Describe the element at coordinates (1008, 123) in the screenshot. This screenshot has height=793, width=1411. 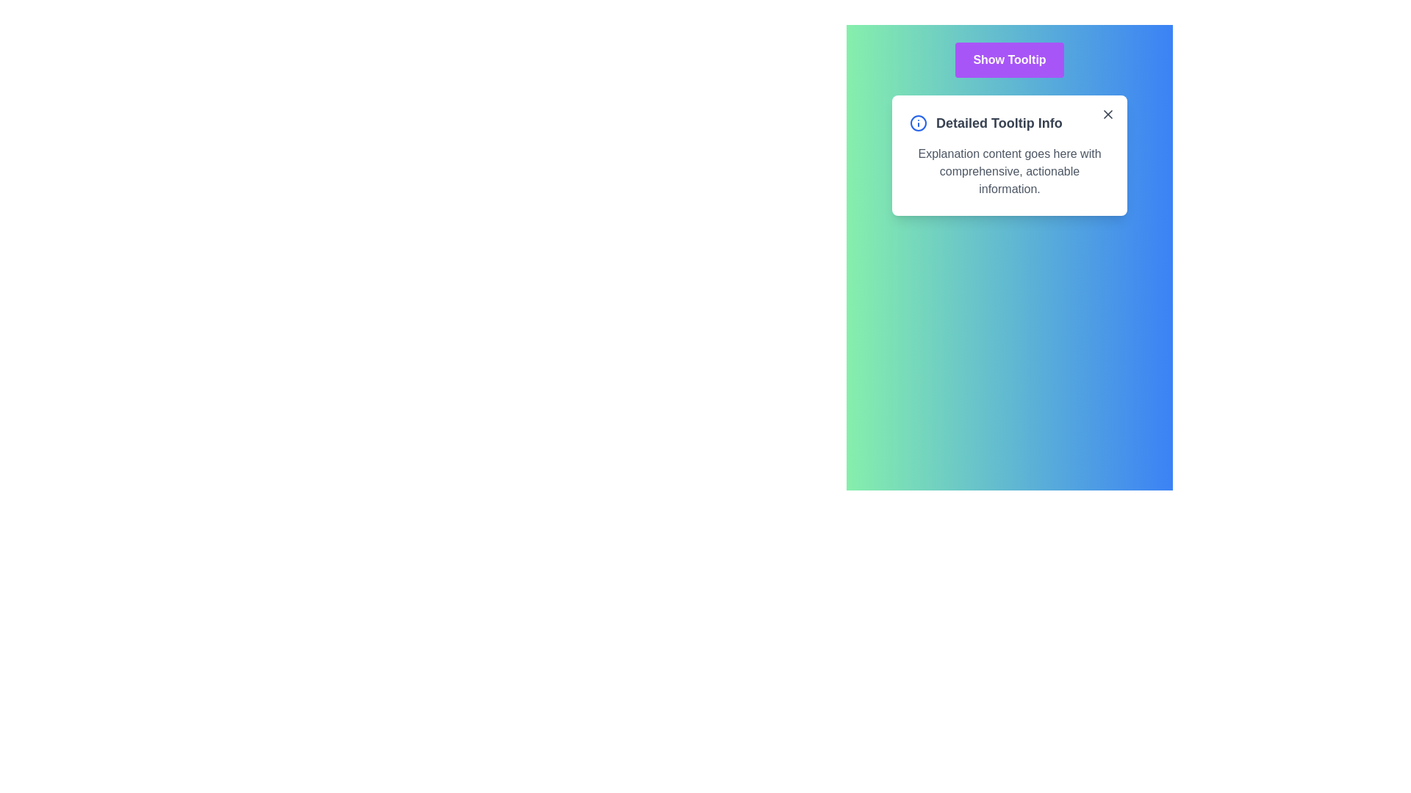
I see `the textual header 'Detailed Tooltip Info' located at the top of the tooltip card, which is styled in bold with a large font size and accompanied by a blue circular icon with an 'i' symbol` at that location.